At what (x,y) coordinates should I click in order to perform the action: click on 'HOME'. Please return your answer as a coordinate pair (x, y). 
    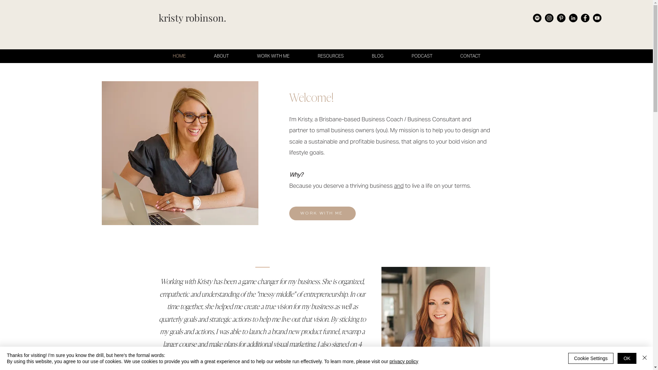
    Looking at the image, I should click on (179, 56).